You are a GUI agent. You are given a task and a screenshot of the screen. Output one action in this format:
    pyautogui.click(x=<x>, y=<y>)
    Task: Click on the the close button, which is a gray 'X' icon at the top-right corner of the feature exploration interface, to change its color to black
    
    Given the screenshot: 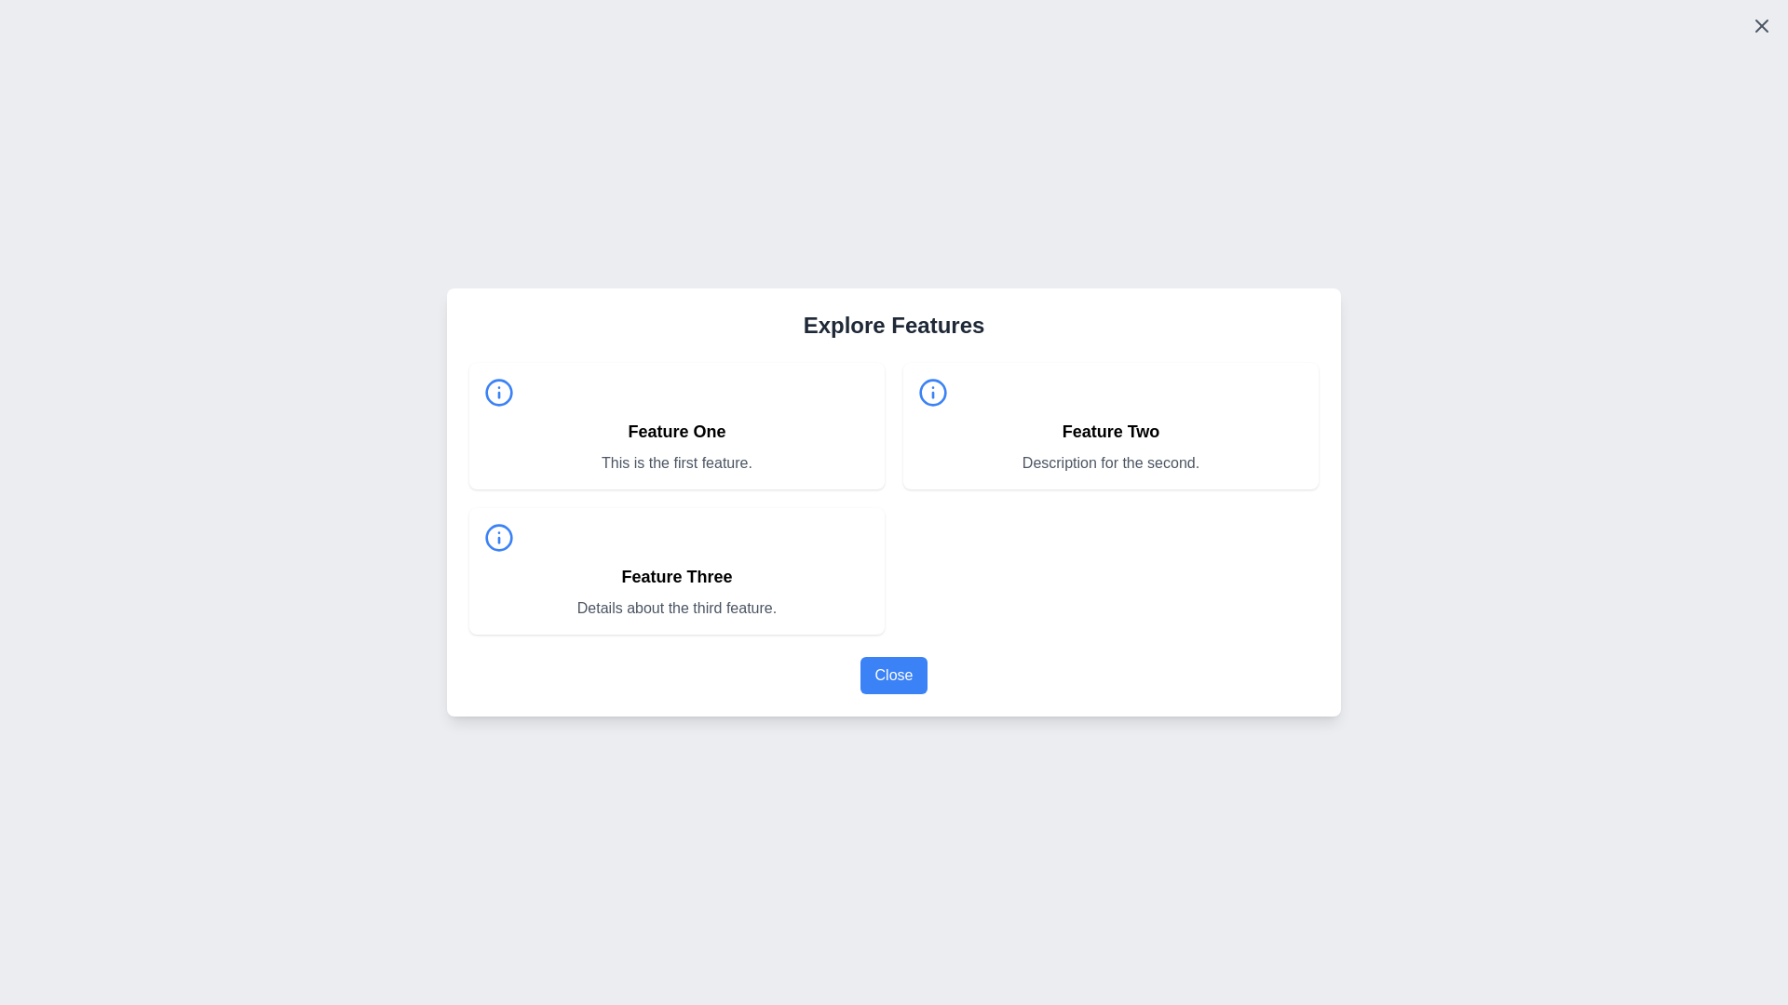 What is the action you would take?
    pyautogui.click(x=1760, y=25)
    